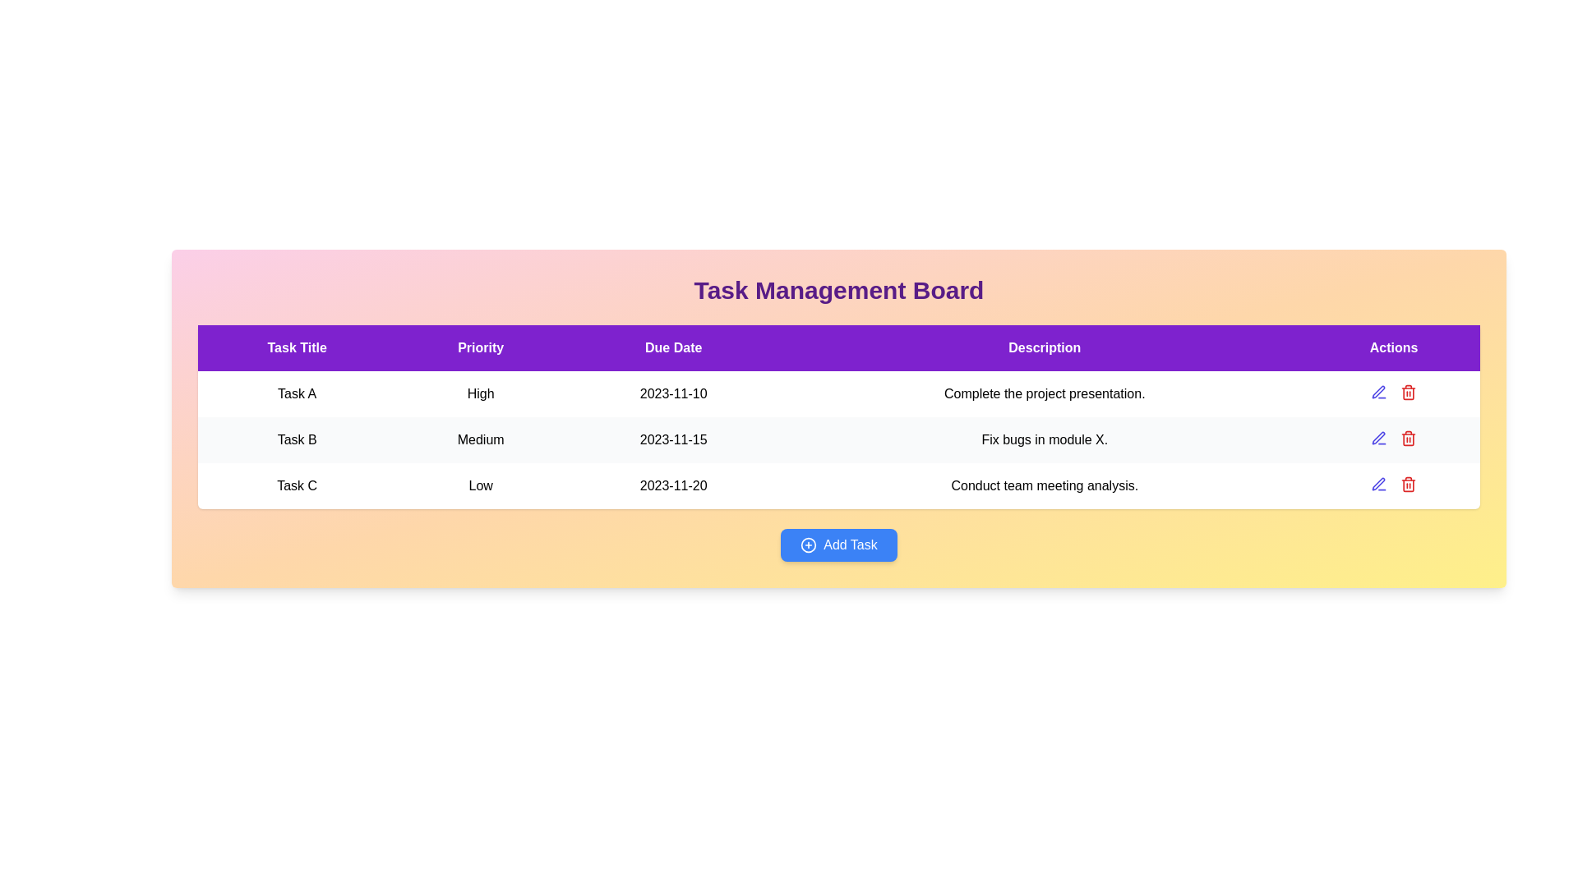  I want to click on the blue 'Add Task' button with rounded edges and a plus sign icon, located at the bottom center of the 'Task Management Board' section, to initiate task addition, so click(839, 545).